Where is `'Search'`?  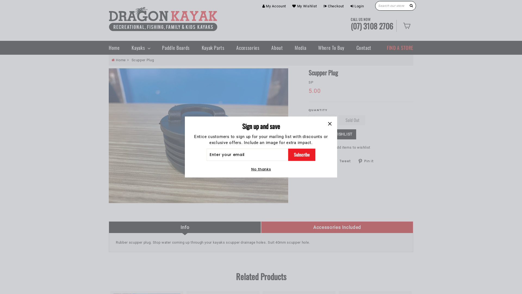 'Search' is located at coordinates (411, 5).